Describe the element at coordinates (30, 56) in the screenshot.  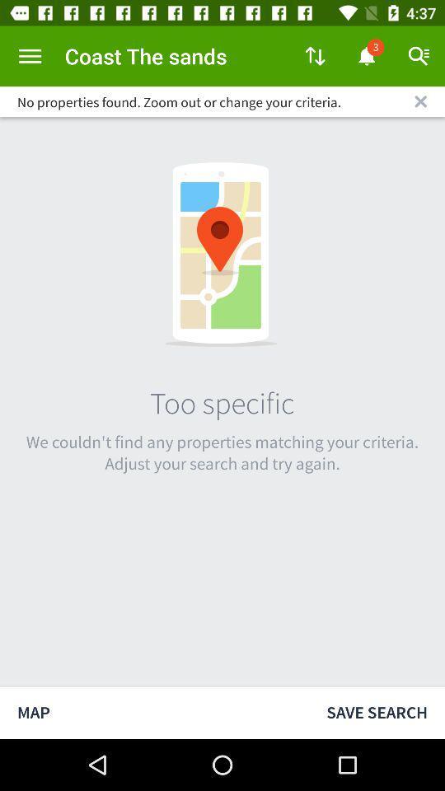
I see `open menu` at that location.